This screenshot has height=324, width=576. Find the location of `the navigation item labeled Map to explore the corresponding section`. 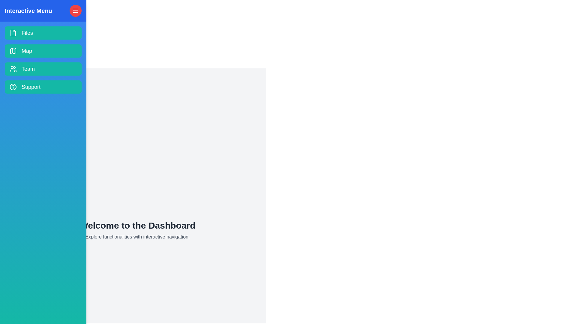

the navigation item labeled Map to explore the corresponding section is located at coordinates (43, 50).